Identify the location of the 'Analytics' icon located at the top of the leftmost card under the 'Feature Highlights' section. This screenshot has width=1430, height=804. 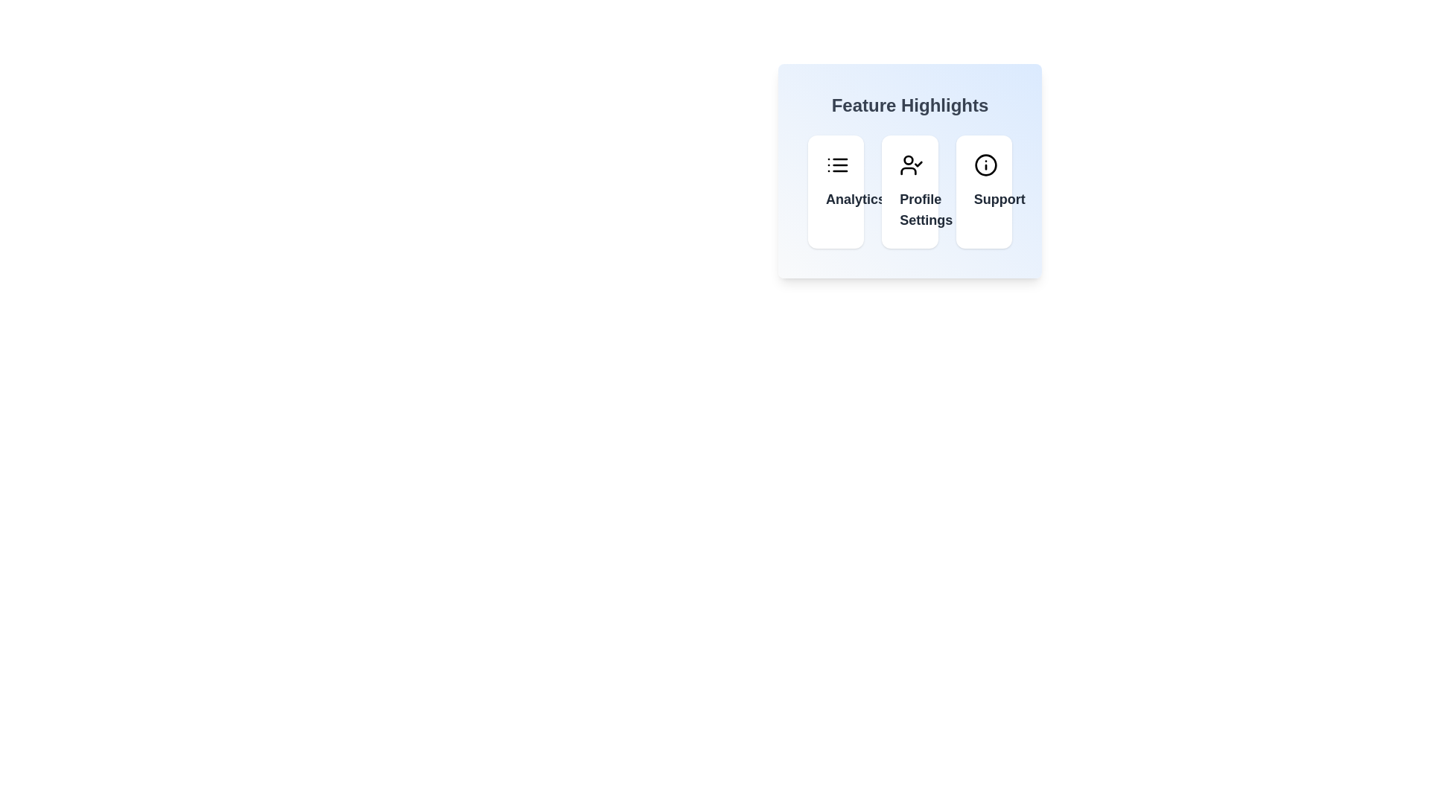
(837, 165).